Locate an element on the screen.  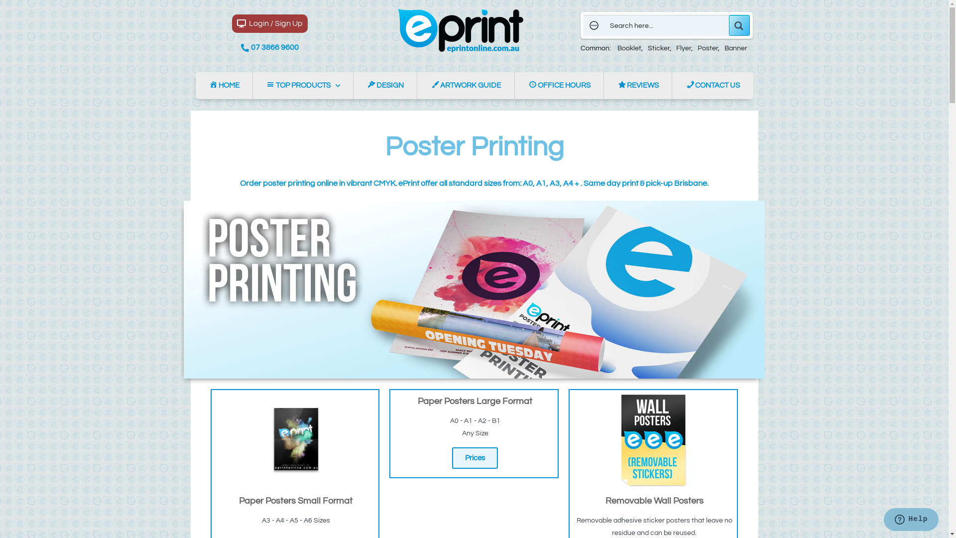
'Booklet' is located at coordinates (629, 48).